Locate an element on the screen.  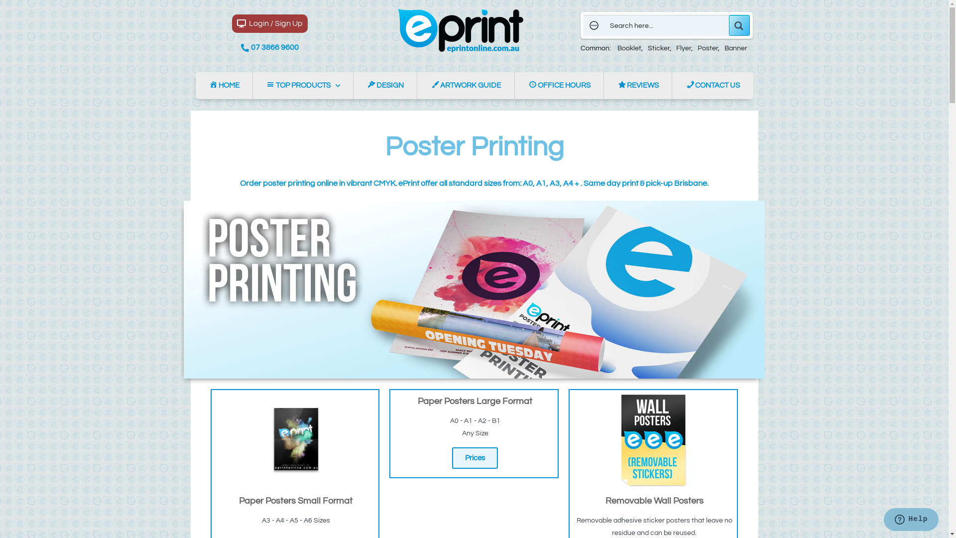
'Booklet' is located at coordinates (629, 48).